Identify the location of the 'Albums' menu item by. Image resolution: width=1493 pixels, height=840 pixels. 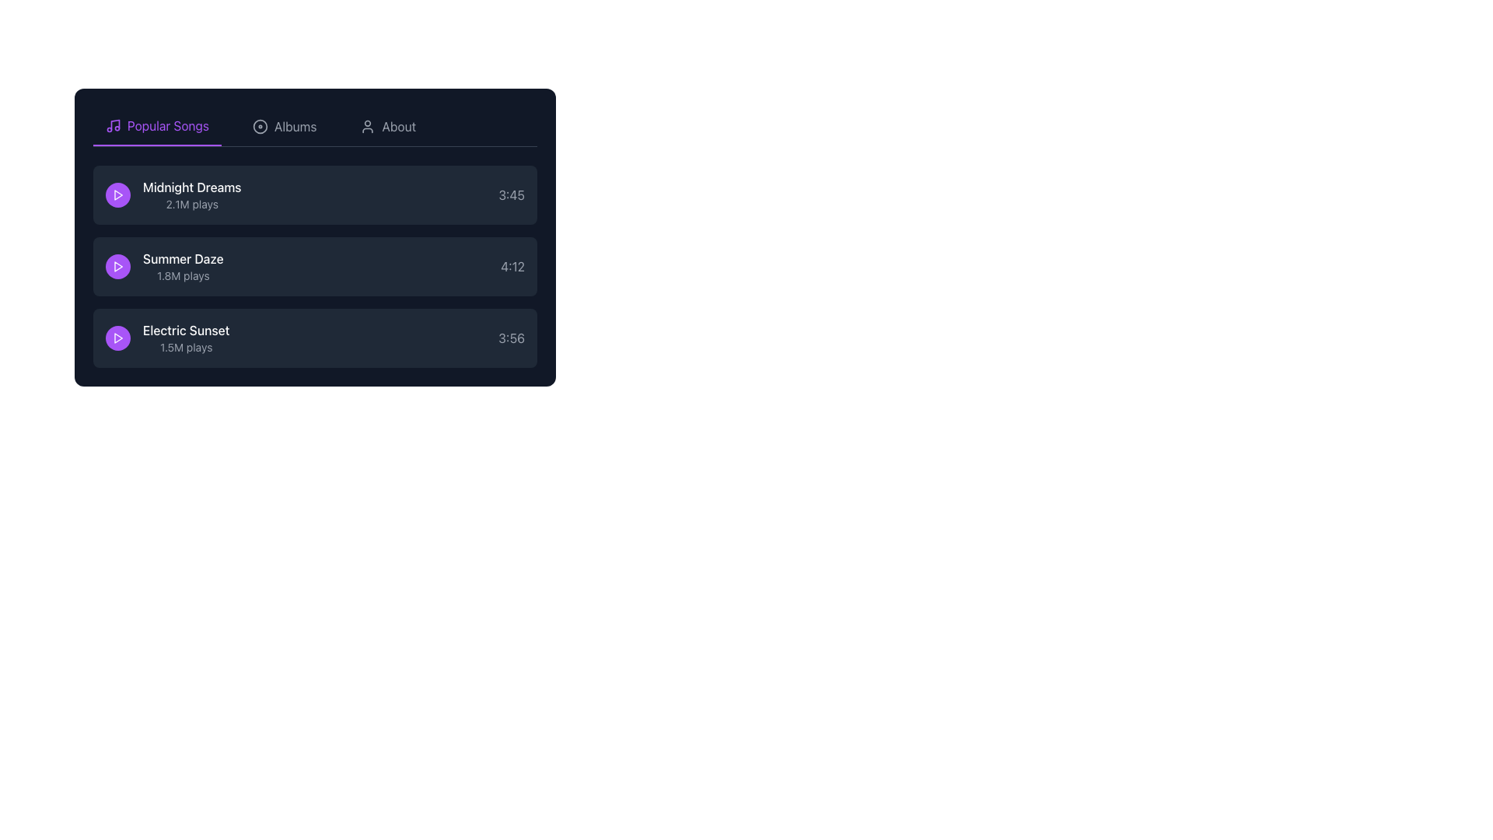
(260, 125).